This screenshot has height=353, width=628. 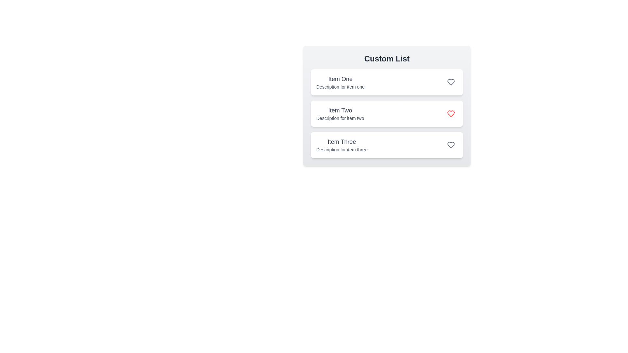 I want to click on the heart icon for Item Three to toggle its favorite status, so click(x=450, y=144).